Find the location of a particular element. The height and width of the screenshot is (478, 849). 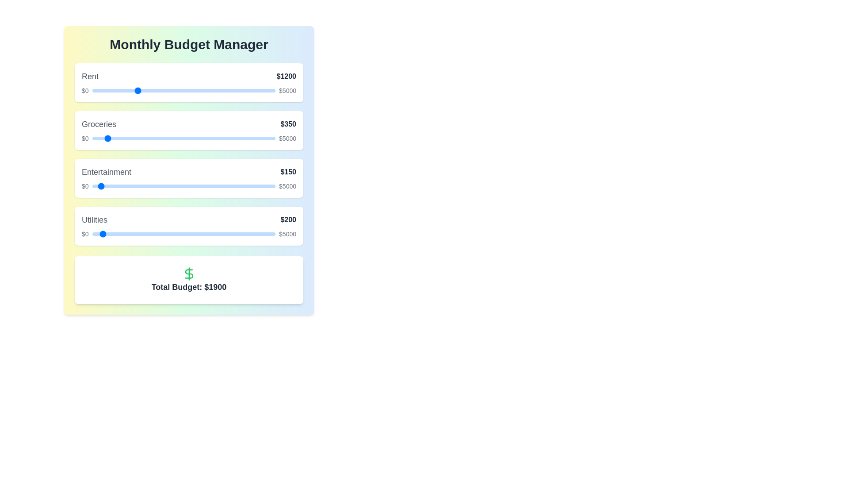

the groceries budget slider is located at coordinates (195, 138).